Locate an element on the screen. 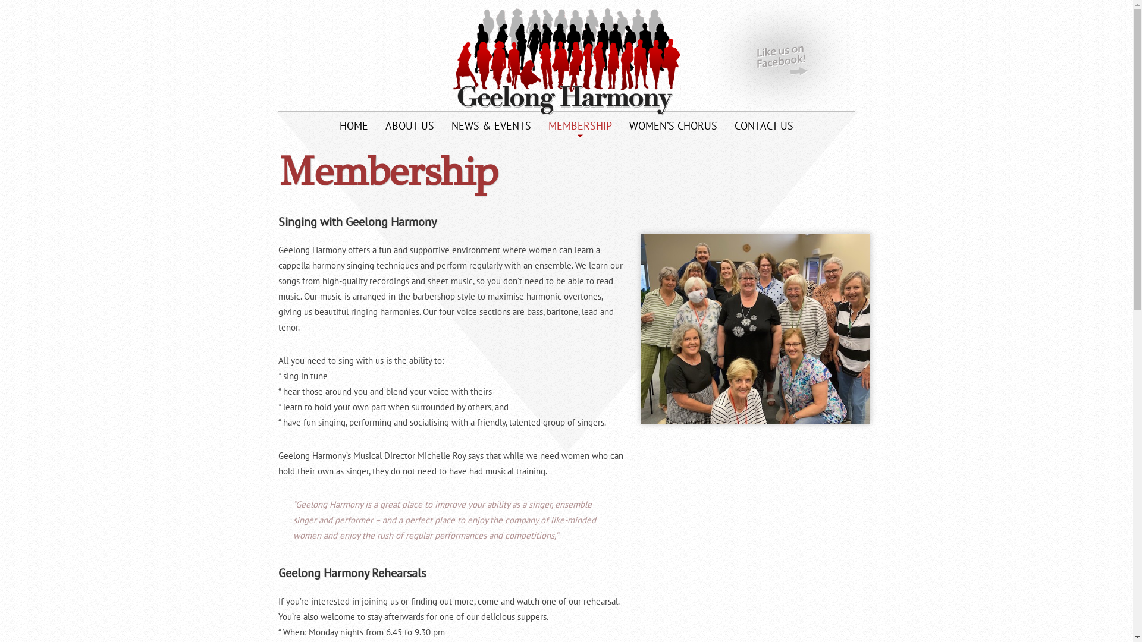  'HOME' is located at coordinates (353, 128).